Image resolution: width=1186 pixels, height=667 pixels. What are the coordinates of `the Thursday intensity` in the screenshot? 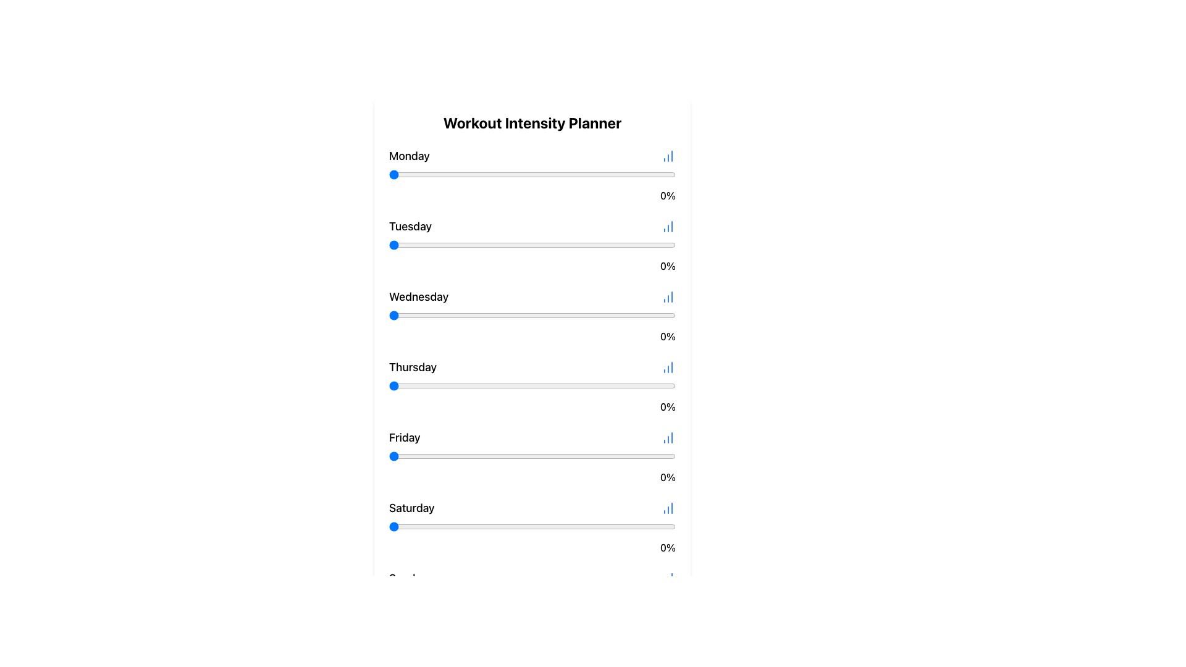 It's located at (437, 385).